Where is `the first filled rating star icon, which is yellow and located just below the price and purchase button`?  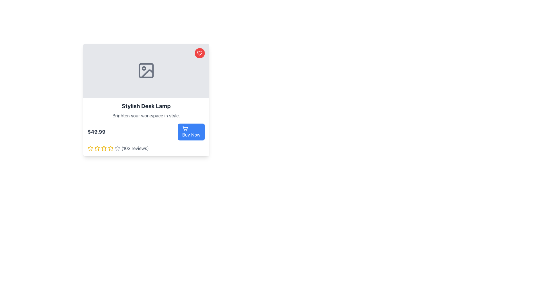 the first filled rating star icon, which is yellow and located just below the price and purchase button is located at coordinates (90, 148).